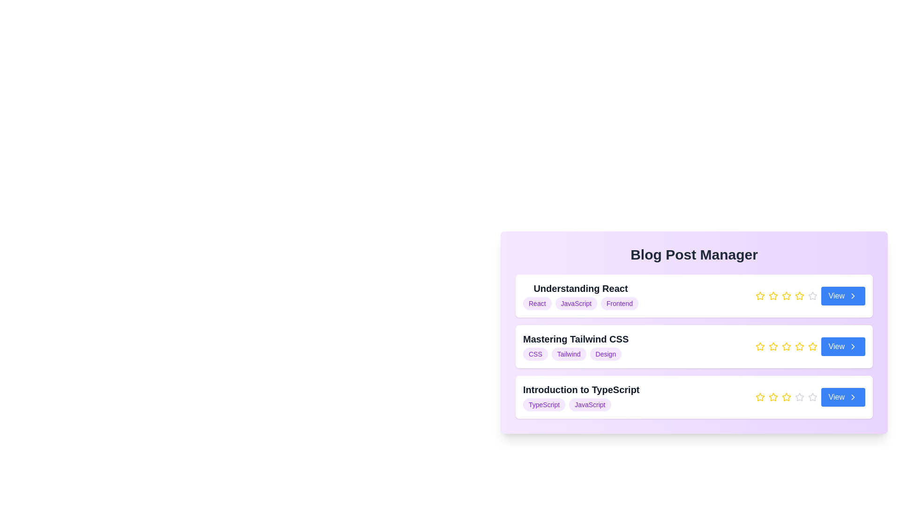 The width and height of the screenshot is (900, 506). What do you see at coordinates (786, 346) in the screenshot?
I see `the fourth yellow star icon in the rating section of the 'Mastering Tailwind CSS' card` at bounding box center [786, 346].